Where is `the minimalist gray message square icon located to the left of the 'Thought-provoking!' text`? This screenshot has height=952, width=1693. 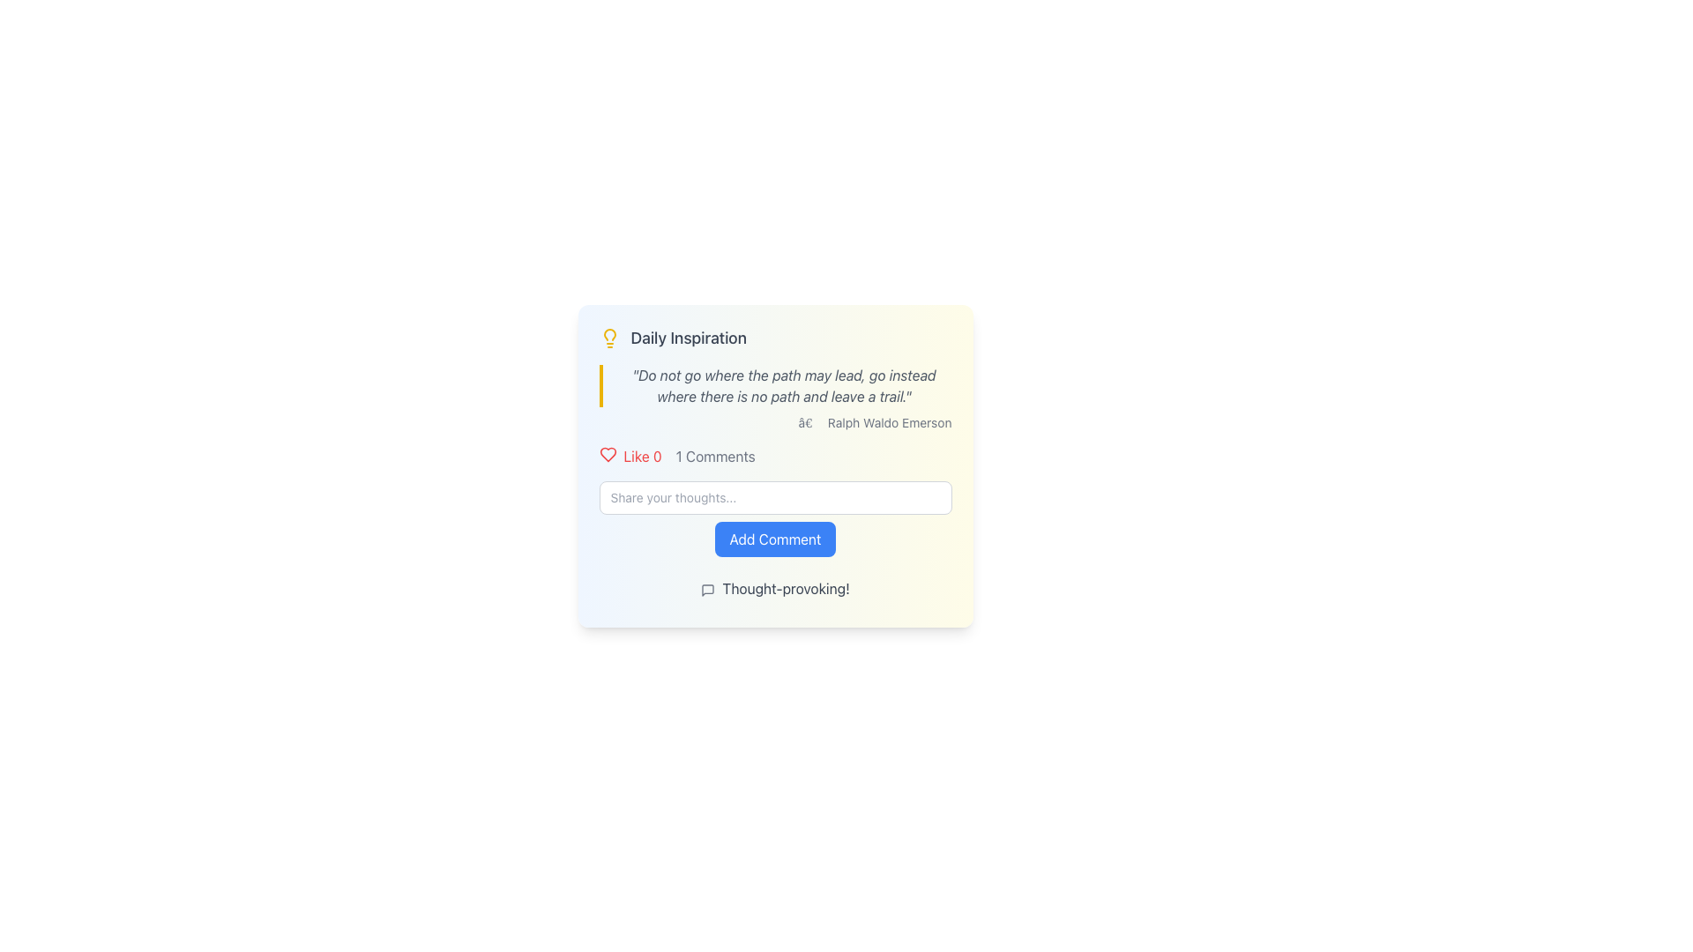 the minimalist gray message square icon located to the left of the 'Thought-provoking!' text is located at coordinates (708, 590).